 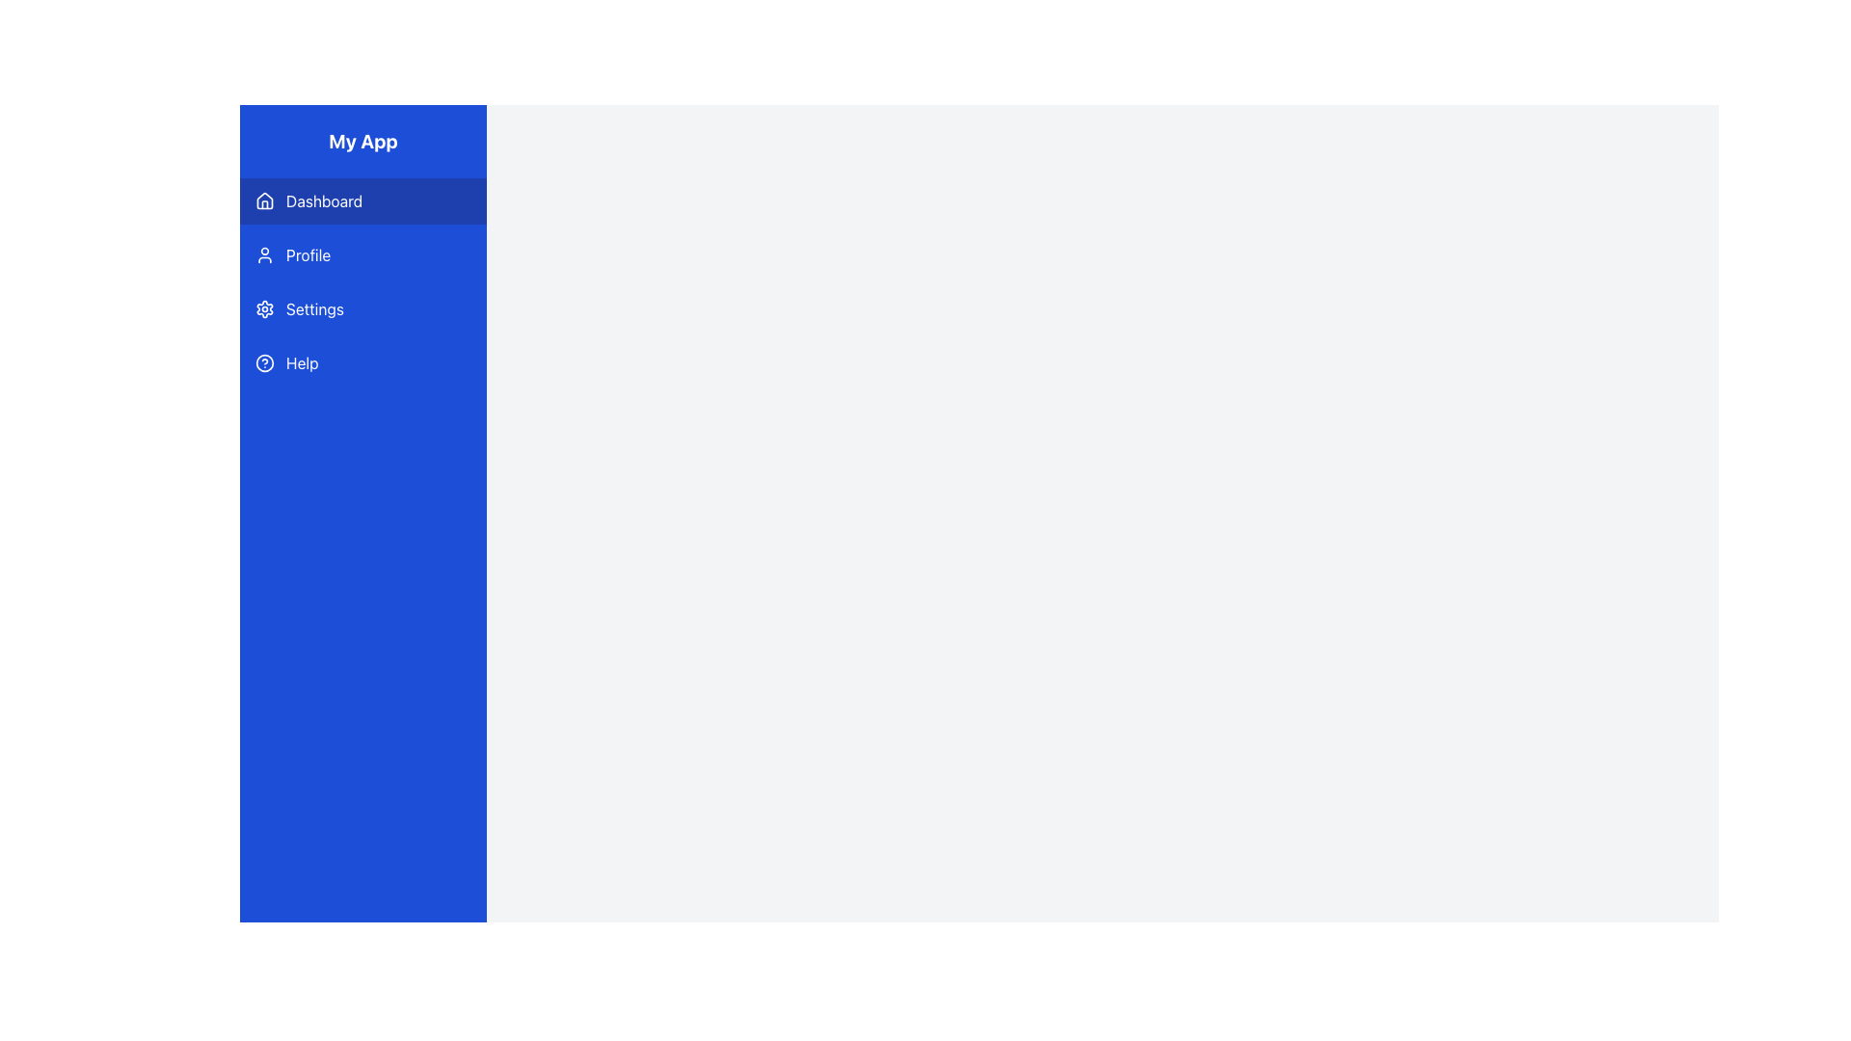 I want to click on the 'Profile' text label in the vertical navigation menu, so click(x=308, y=254).